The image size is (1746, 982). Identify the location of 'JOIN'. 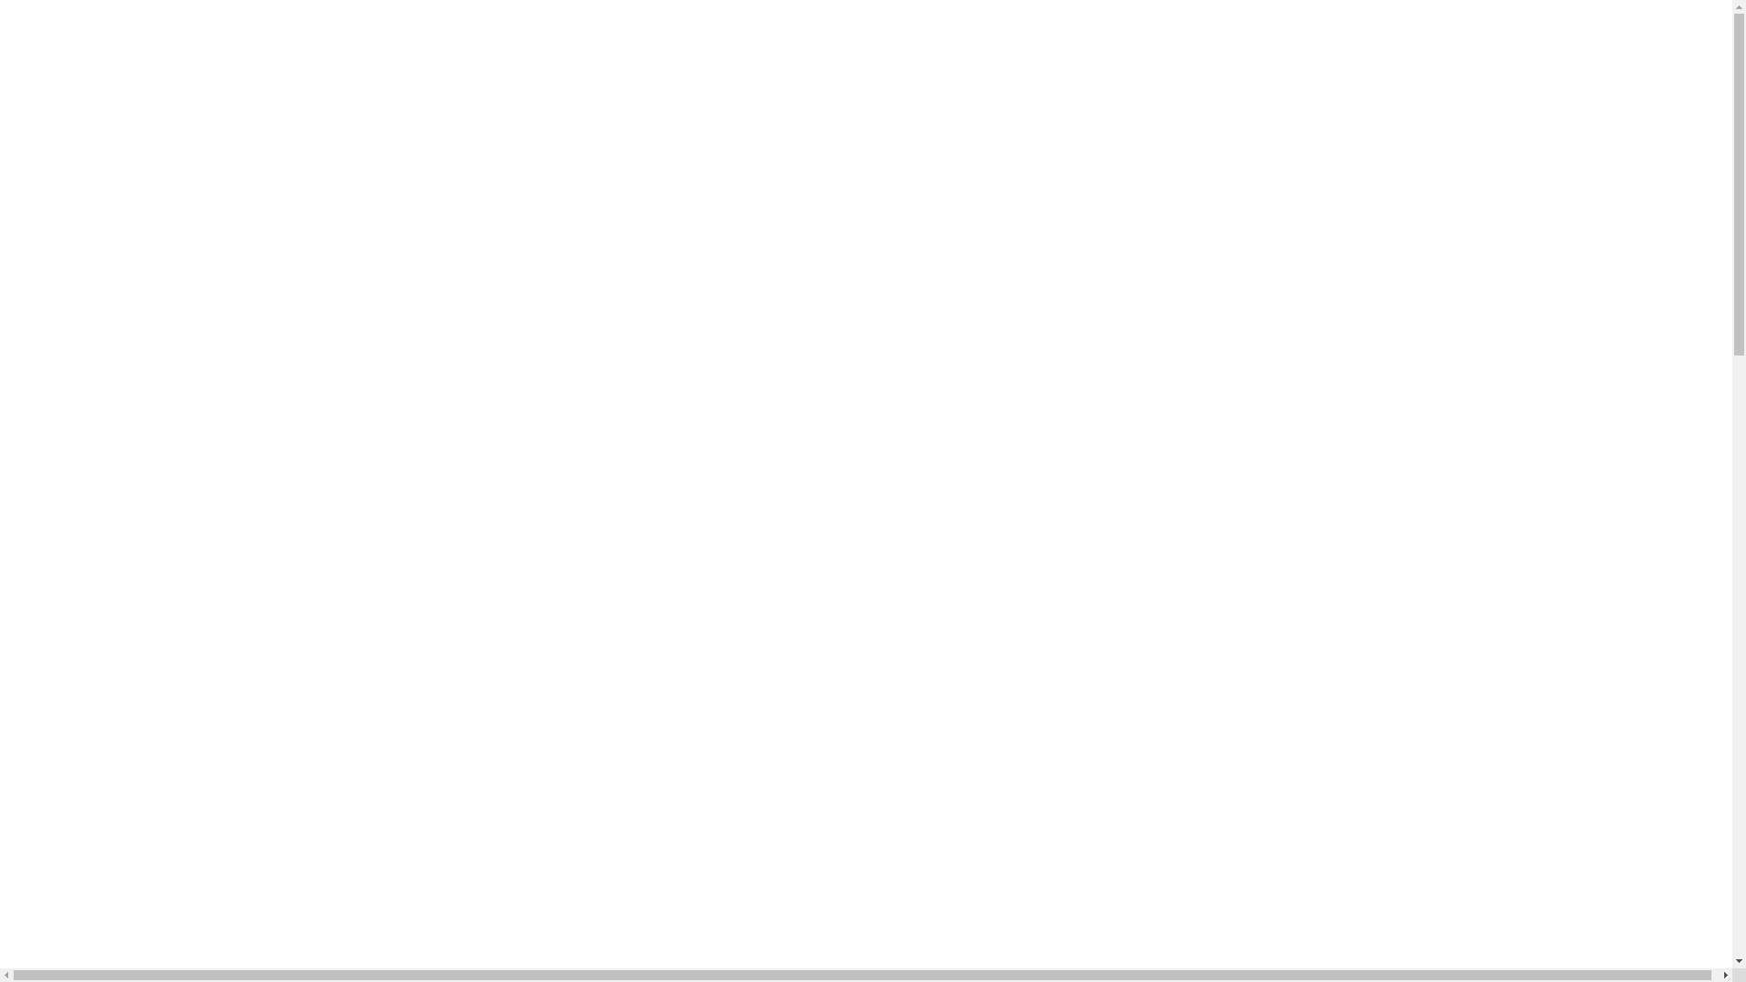
(59, 95).